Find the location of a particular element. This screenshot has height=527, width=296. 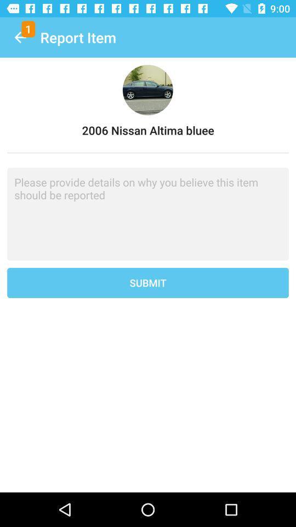

the submit icon is located at coordinates (148, 282).